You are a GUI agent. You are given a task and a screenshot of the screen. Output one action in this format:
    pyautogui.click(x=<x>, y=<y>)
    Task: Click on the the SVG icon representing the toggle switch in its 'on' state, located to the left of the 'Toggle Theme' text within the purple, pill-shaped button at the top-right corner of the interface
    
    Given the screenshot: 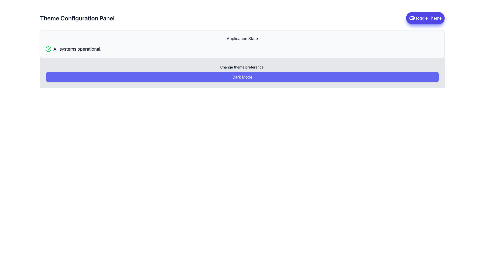 What is the action you would take?
    pyautogui.click(x=412, y=18)
    